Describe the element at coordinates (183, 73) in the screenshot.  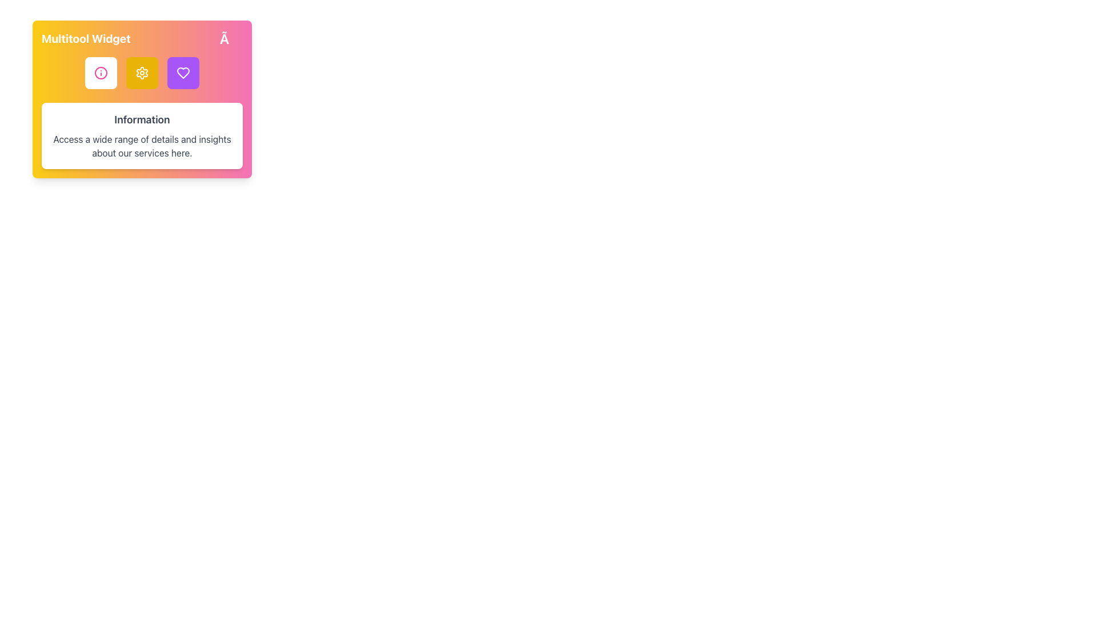
I see `the favorite icon located in the top-right section of the card, which is the third button from the left among three buttons` at that location.